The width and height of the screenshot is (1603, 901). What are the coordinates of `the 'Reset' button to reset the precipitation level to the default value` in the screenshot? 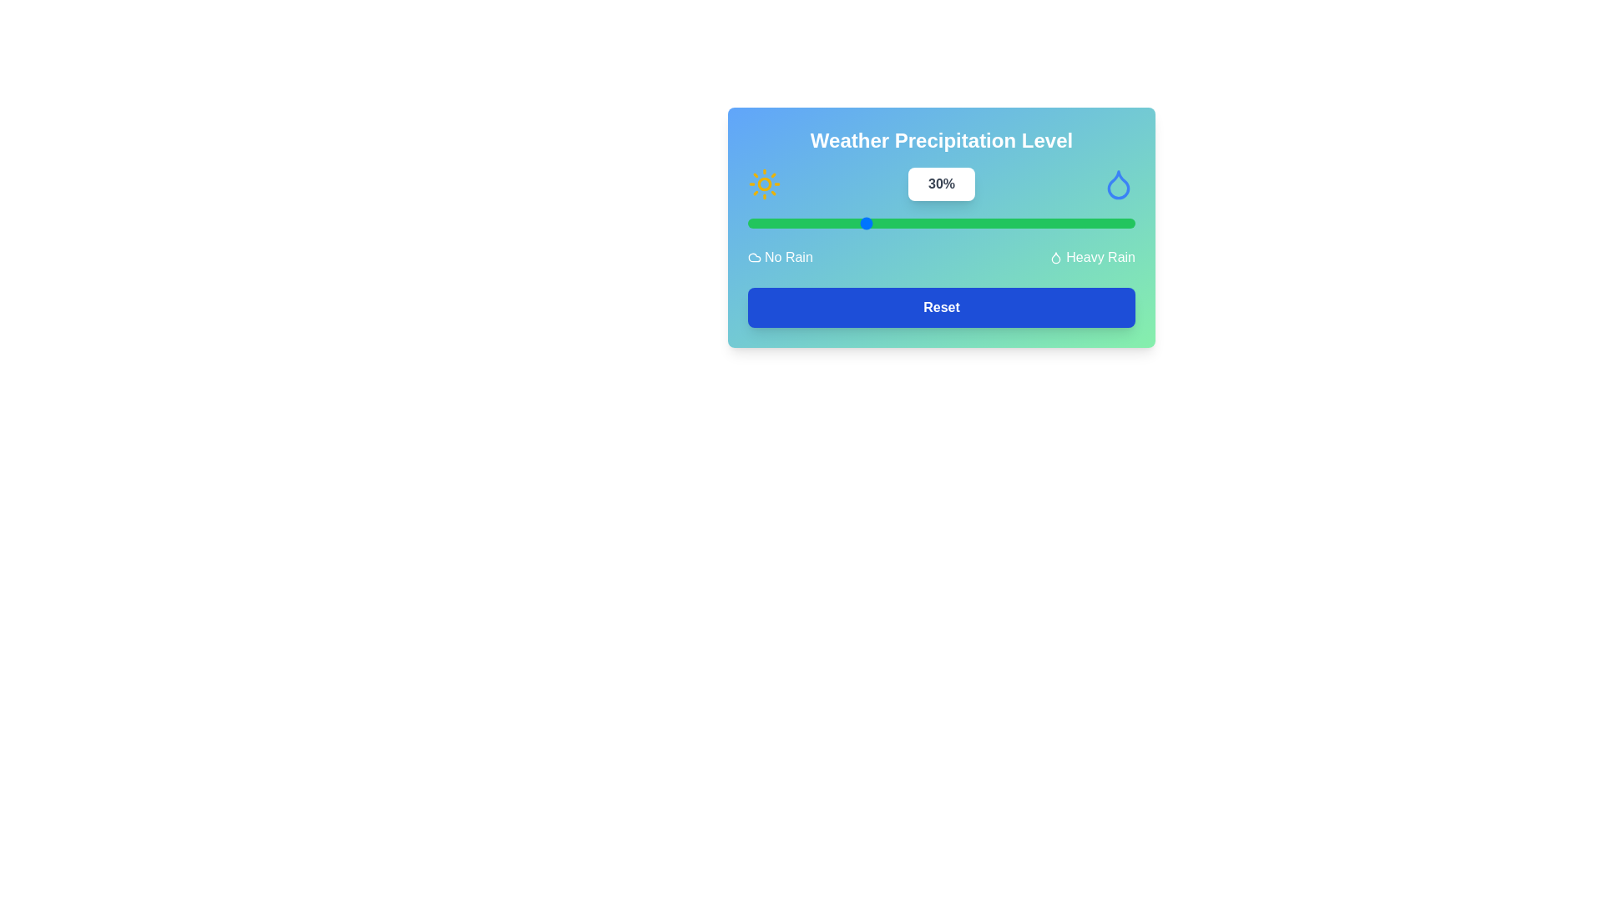 It's located at (942, 308).